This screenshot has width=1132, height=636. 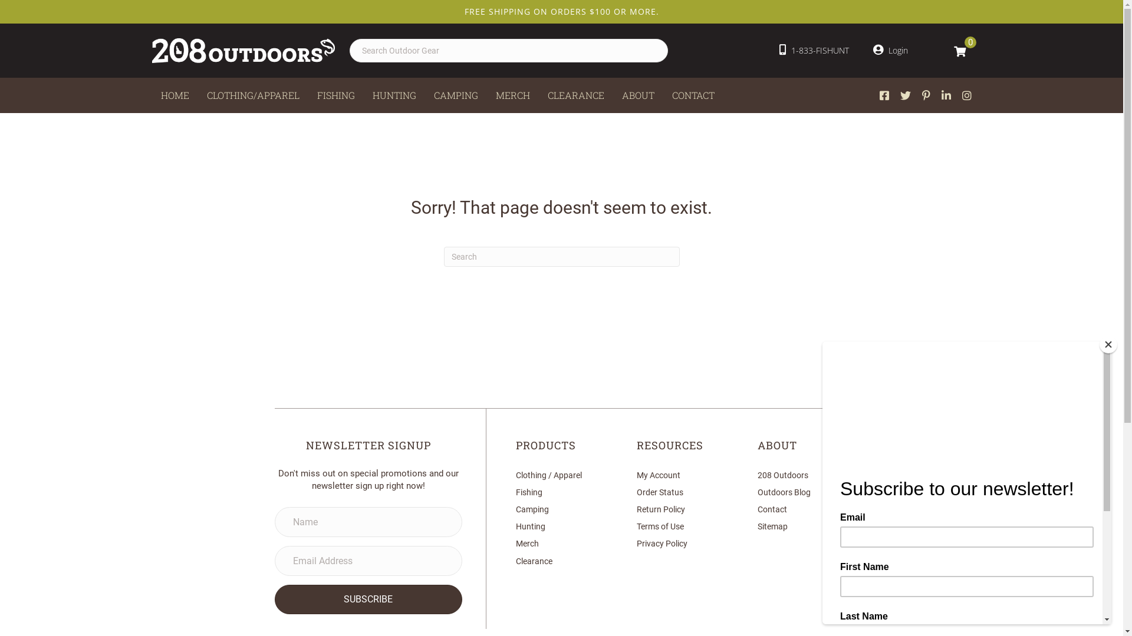 I want to click on 'Merch', so click(x=515, y=543).